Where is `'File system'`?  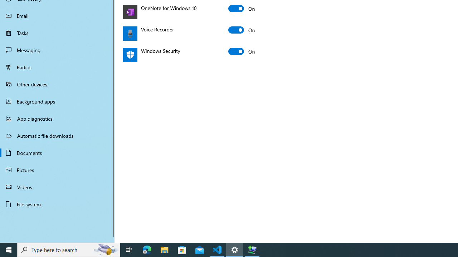 'File system' is located at coordinates (57, 204).